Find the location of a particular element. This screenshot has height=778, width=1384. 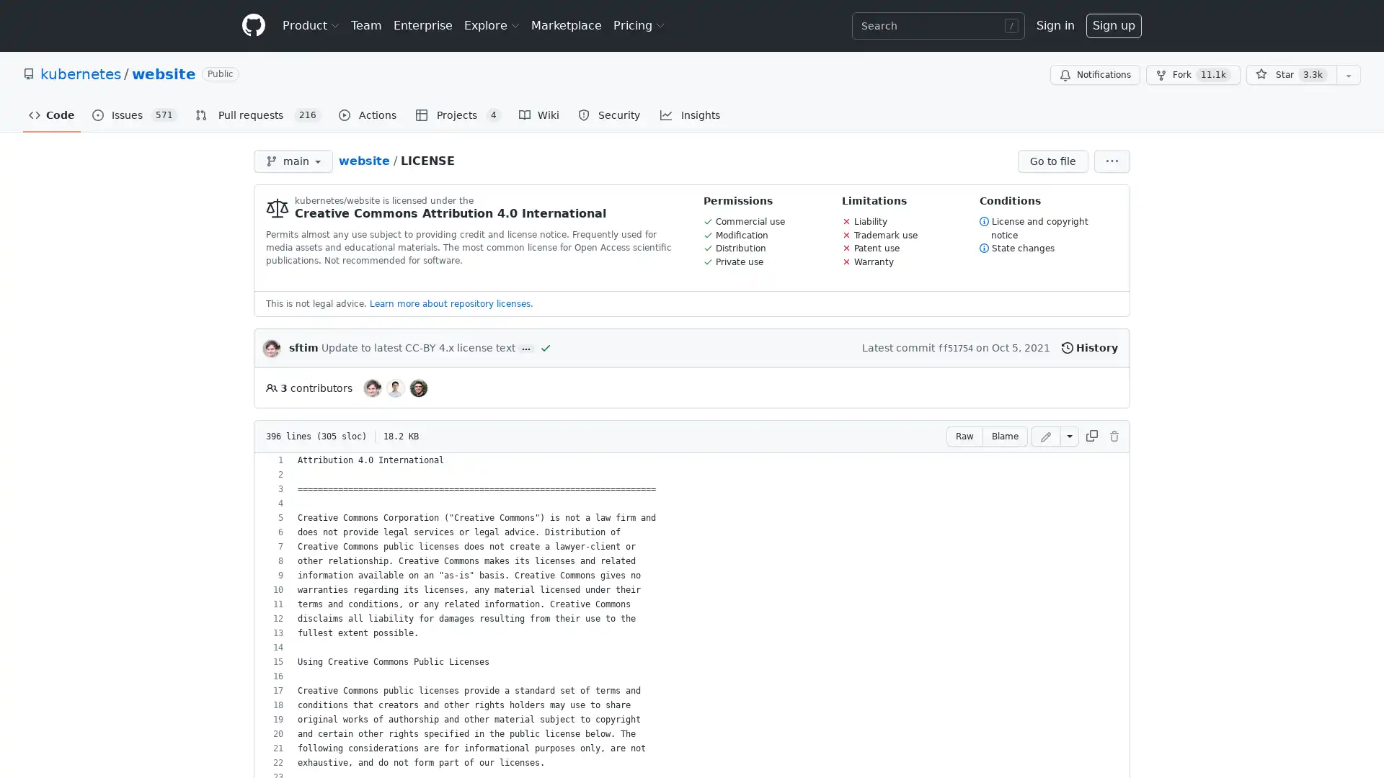

3 contributors is located at coordinates (308, 387).